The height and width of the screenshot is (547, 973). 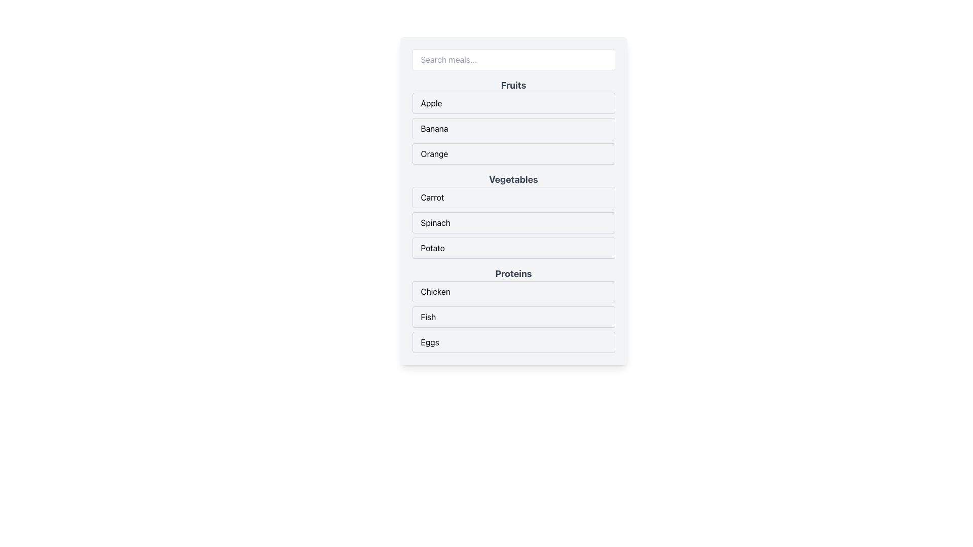 I want to click on the 'Spinach' button, the second item in the vertical list of vegetables, so click(x=513, y=222).